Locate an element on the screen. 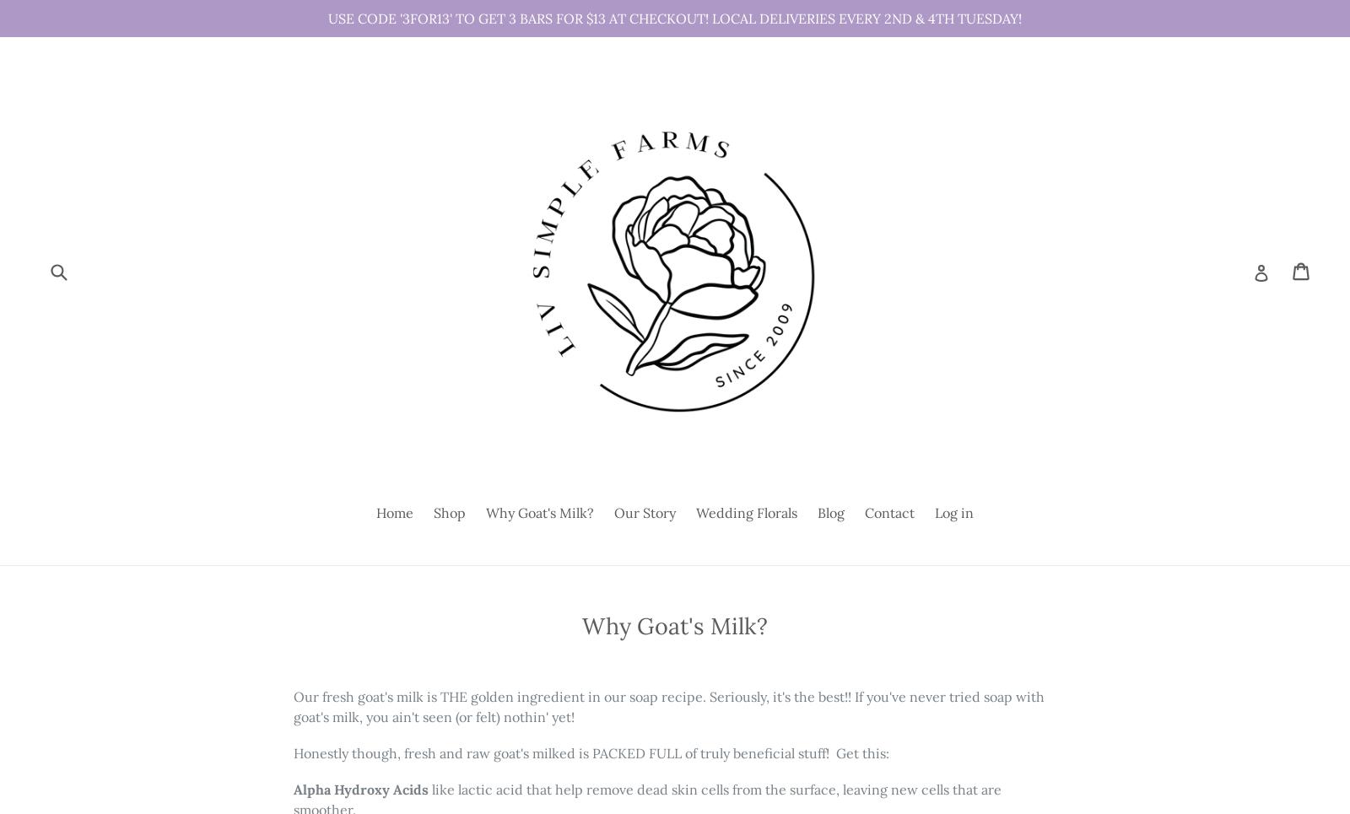 This screenshot has width=1350, height=814. 'Blog' is located at coordinates (829, 512).